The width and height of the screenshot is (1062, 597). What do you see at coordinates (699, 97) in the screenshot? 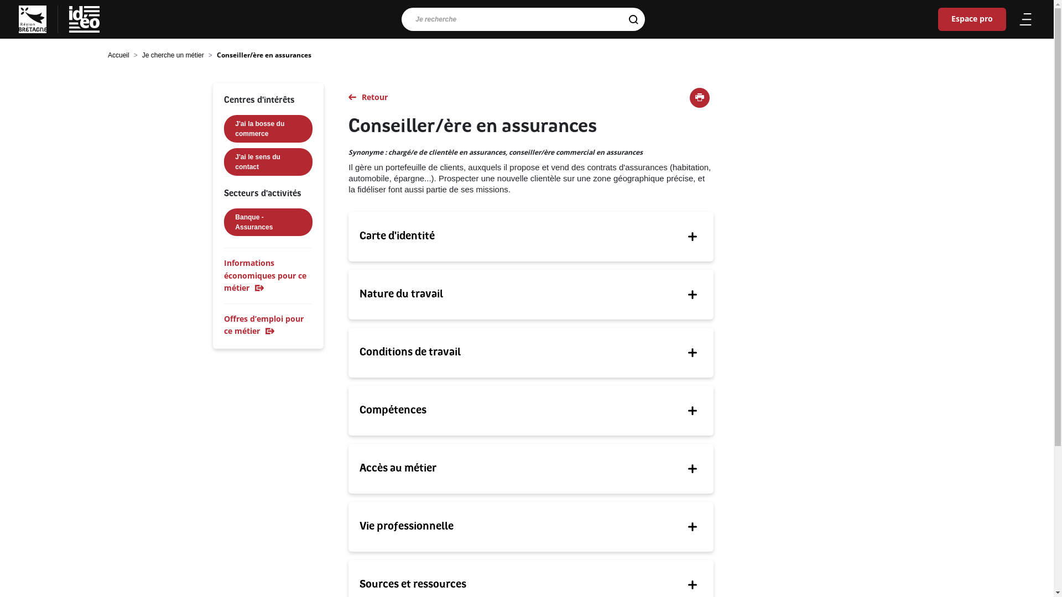
I see `'Imprimer la fiche'` at bounding box center [699, 97].